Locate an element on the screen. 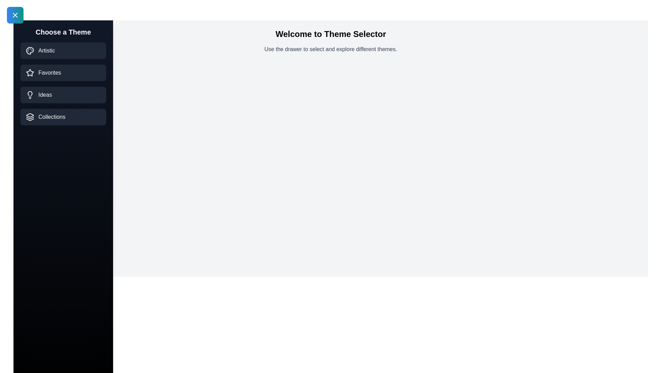  the toggle button to open or close the drawer is located at coordinates (15, 15).